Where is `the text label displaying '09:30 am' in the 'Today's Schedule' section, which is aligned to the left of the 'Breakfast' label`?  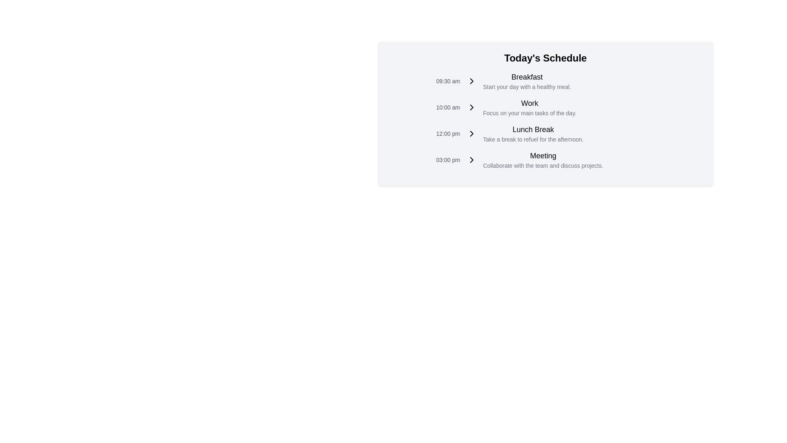 the text label displaying '09:30 am' in the 'Today's Schedule' section, which is aligned to the left of the 'Breakfast' label is located at coordinates (448, 81).